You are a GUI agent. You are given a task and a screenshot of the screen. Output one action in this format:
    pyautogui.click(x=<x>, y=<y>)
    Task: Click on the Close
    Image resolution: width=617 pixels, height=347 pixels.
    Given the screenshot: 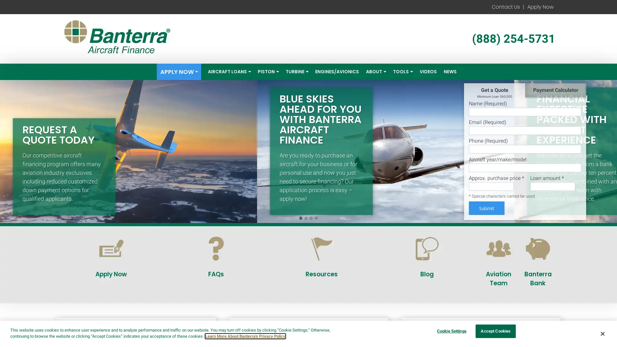 What is the action you would take?
    pyautogui.click(x=602, y=333)
    